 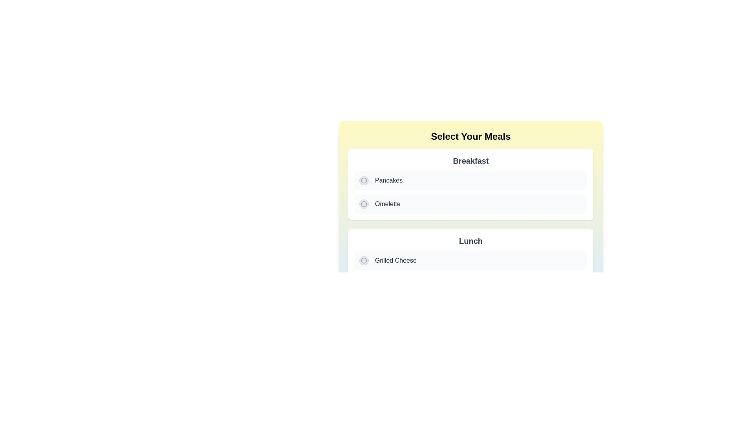 What do you see at coordinates (471, 260) in the screenshot?
I see `the first selectable list item labeled 'Grilled Cheese' in the 'Lunch' section` at bounding box center [471, 260].